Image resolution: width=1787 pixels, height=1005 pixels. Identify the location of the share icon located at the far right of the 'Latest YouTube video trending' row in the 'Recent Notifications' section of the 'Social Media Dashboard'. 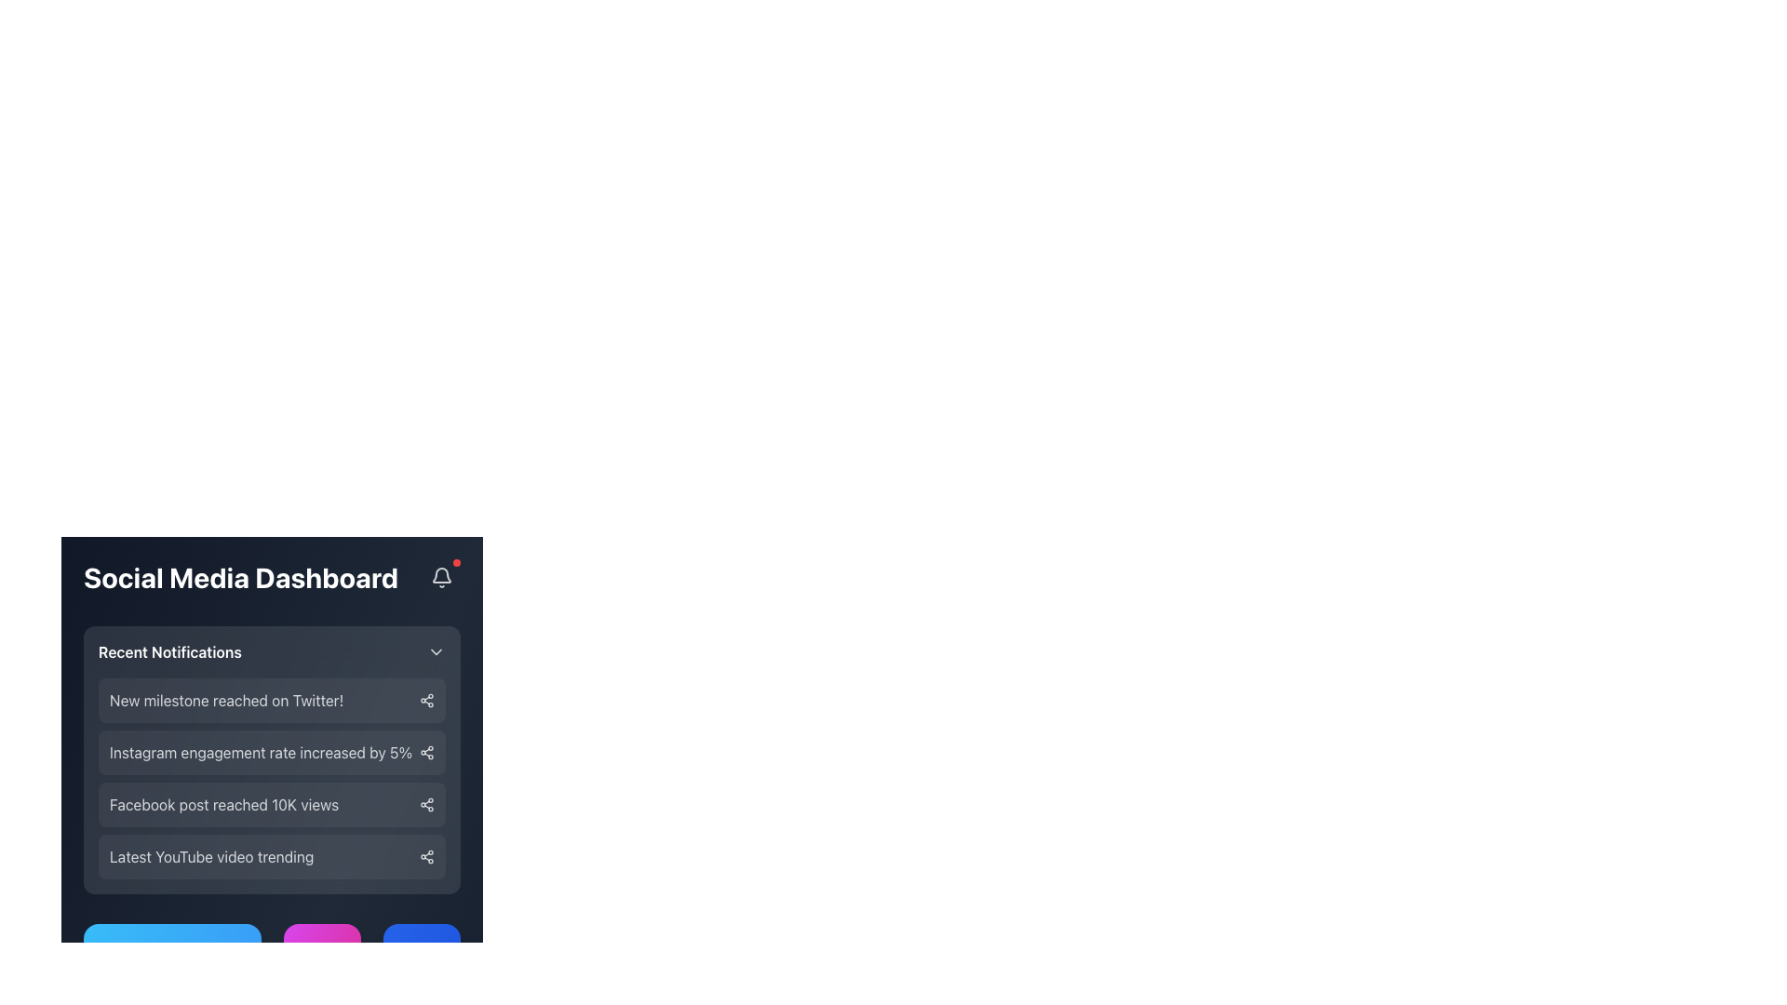
(426, 857).